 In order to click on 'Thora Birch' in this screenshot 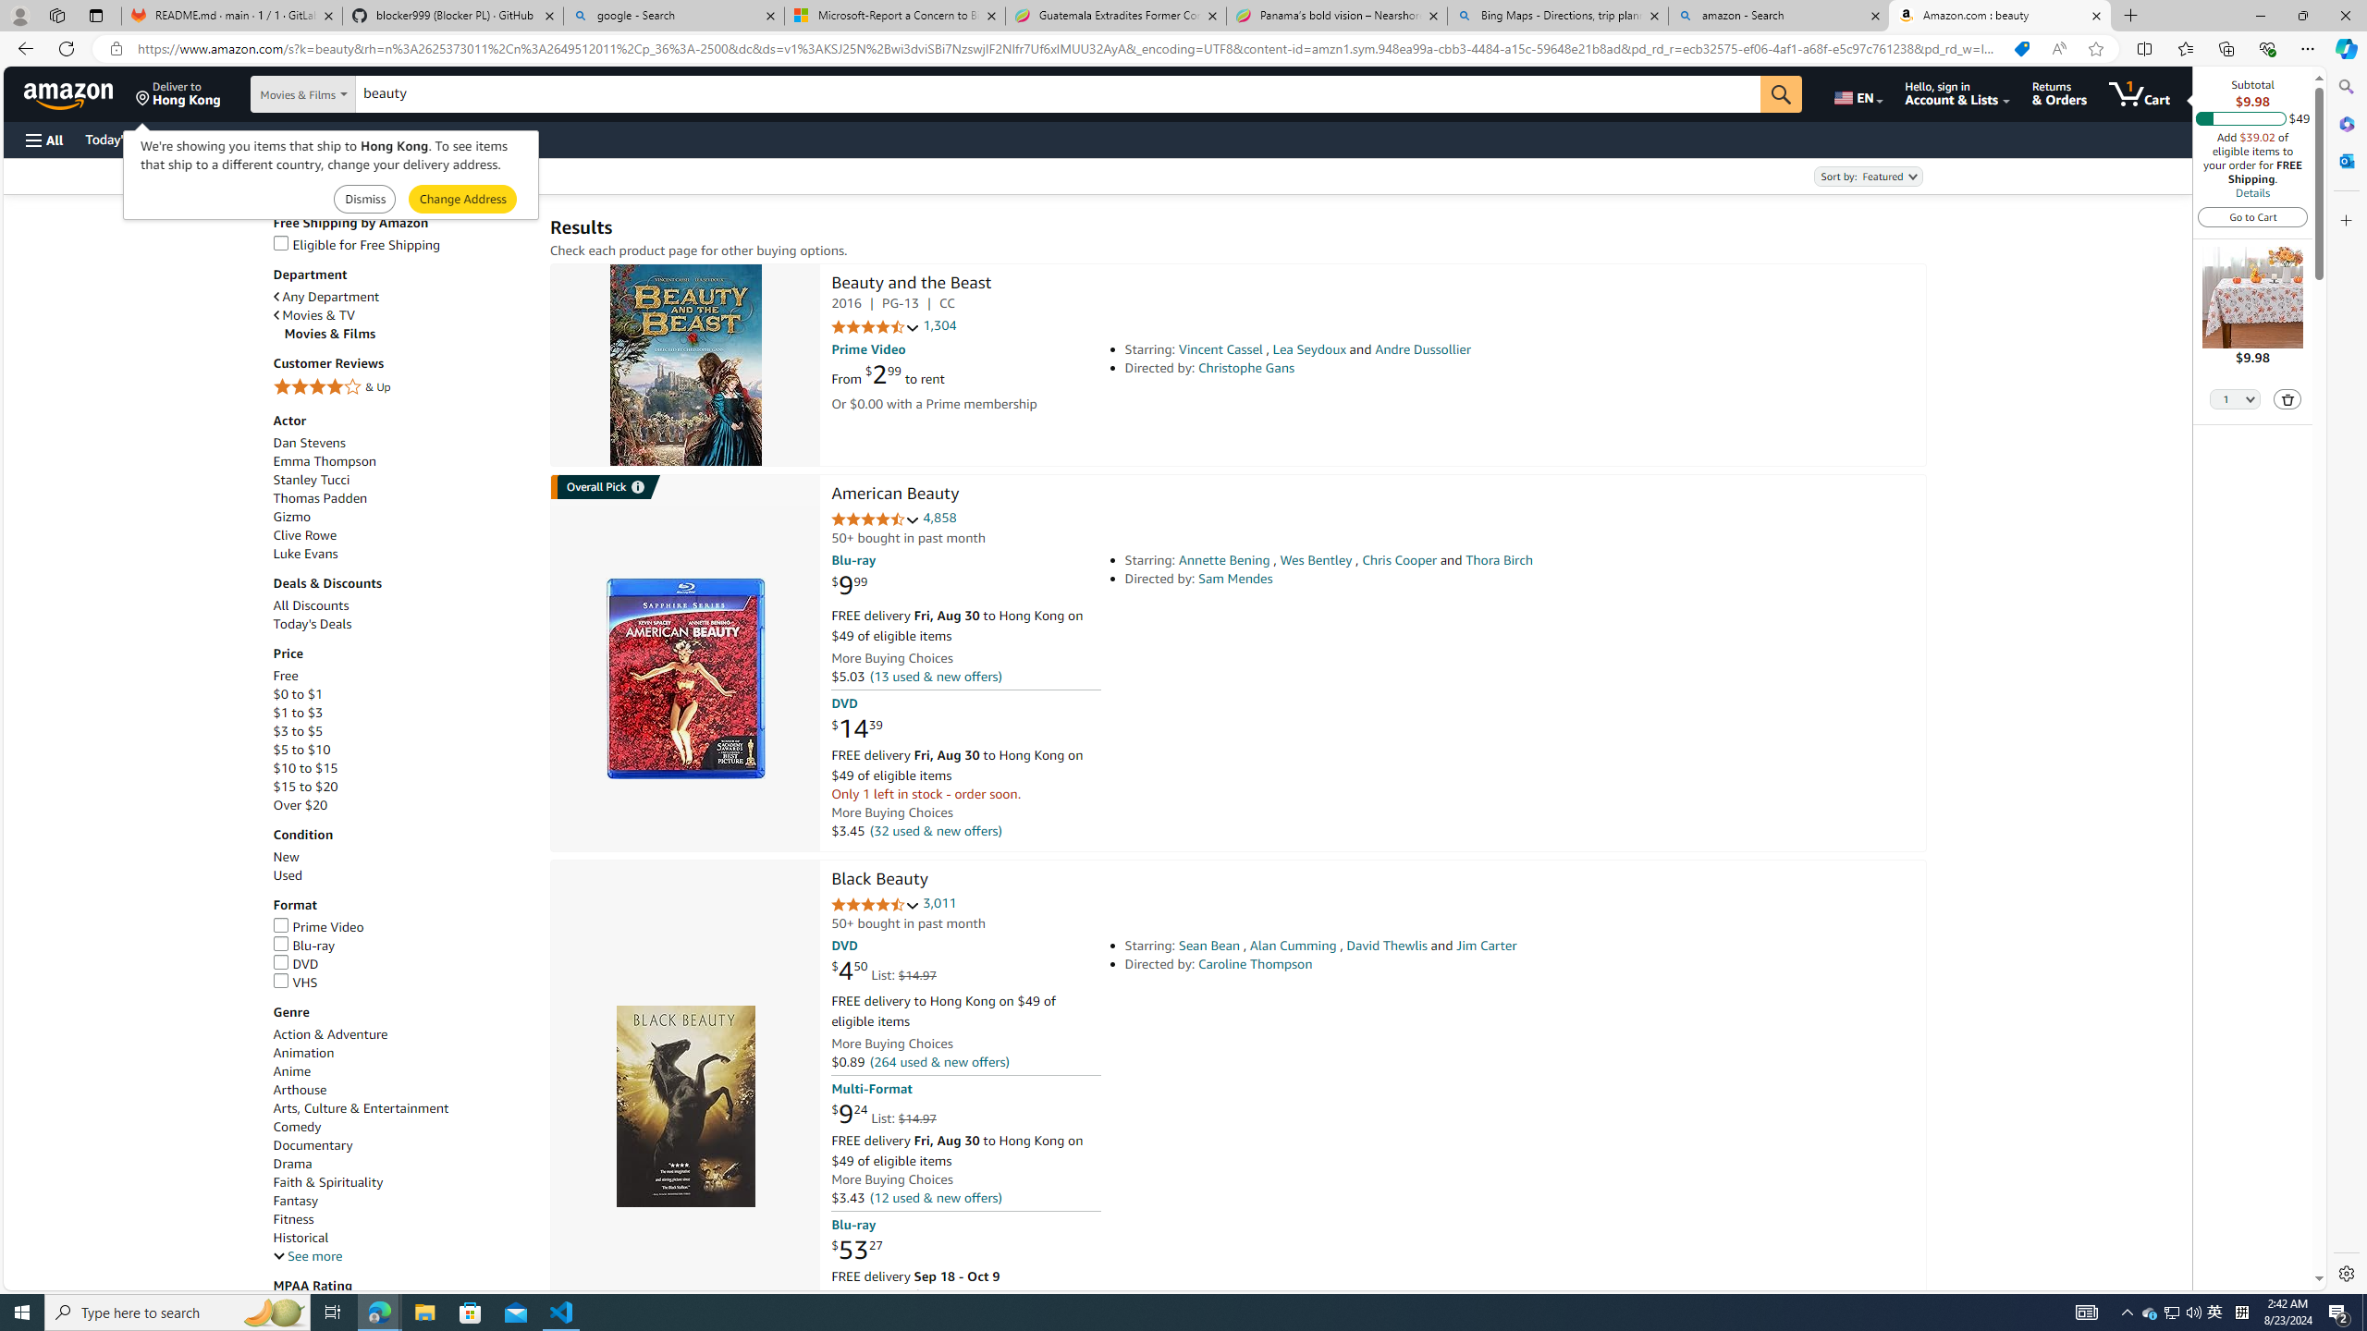, I will do `click(1499, 559)`.